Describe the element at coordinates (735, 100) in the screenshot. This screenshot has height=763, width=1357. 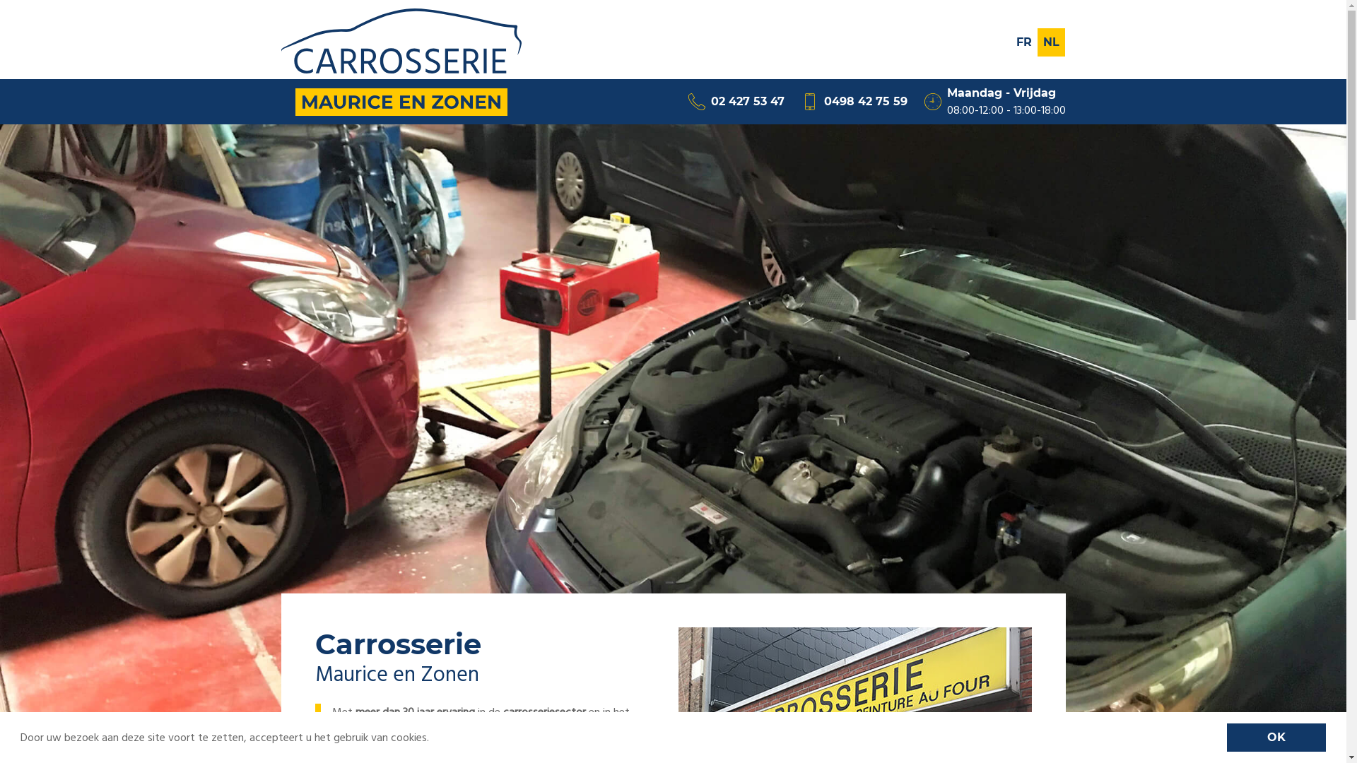
I see `'02 427 53 47'` at that location.